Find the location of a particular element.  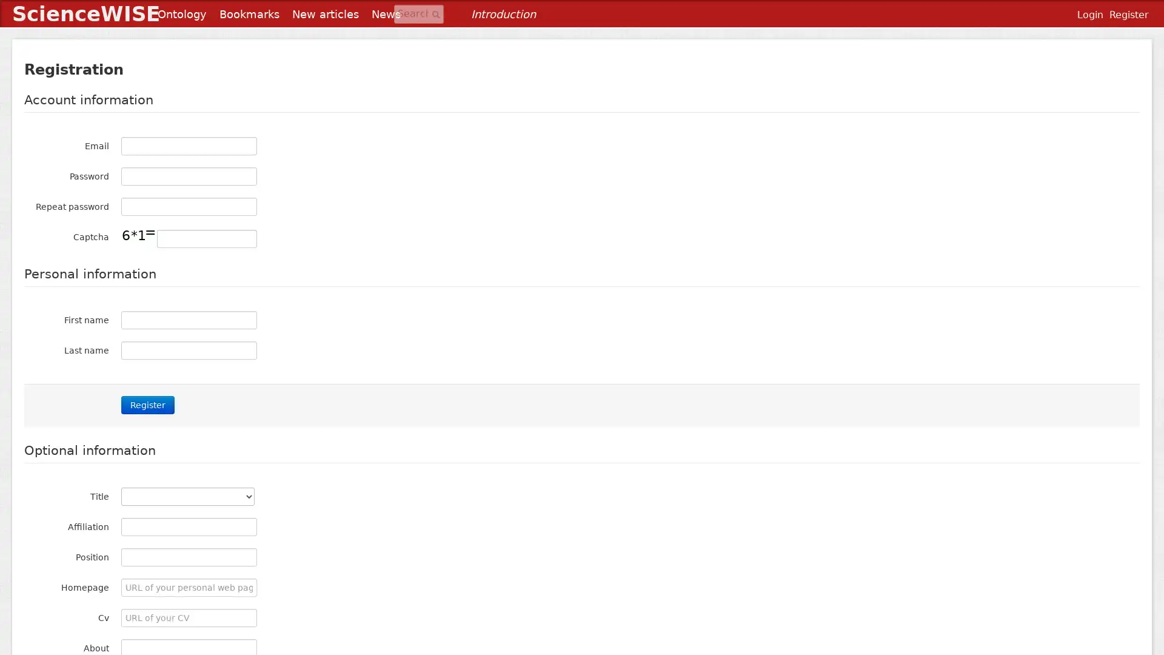

Register is located at coordinates (147, 405).